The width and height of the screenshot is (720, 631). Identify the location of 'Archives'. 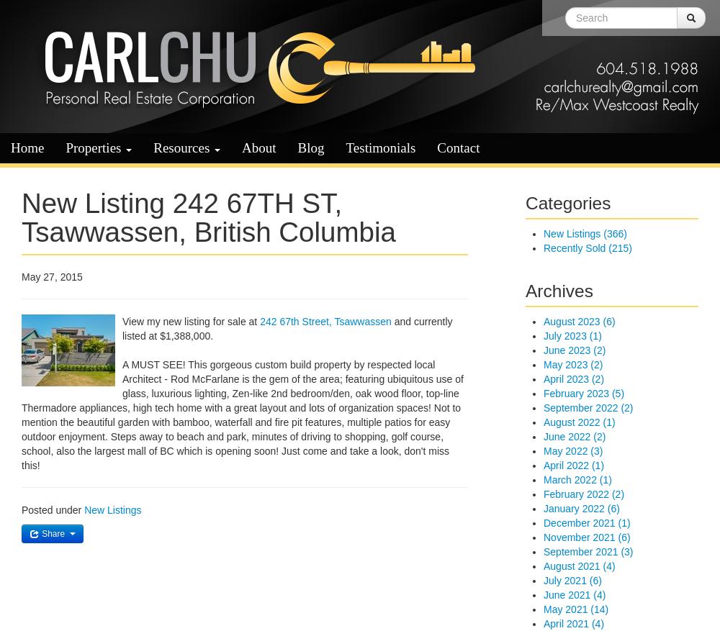
(559, 290).